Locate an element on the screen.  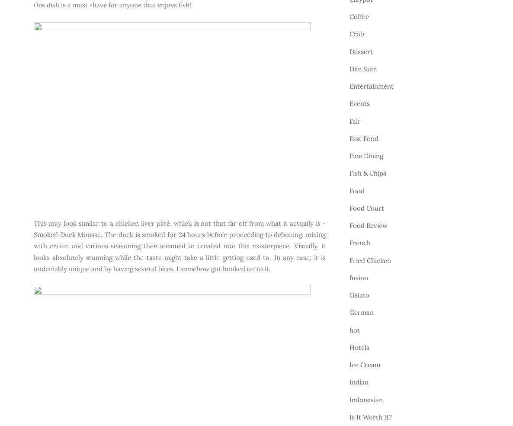
'Fine Dining' is located at coordinates (366, 156).